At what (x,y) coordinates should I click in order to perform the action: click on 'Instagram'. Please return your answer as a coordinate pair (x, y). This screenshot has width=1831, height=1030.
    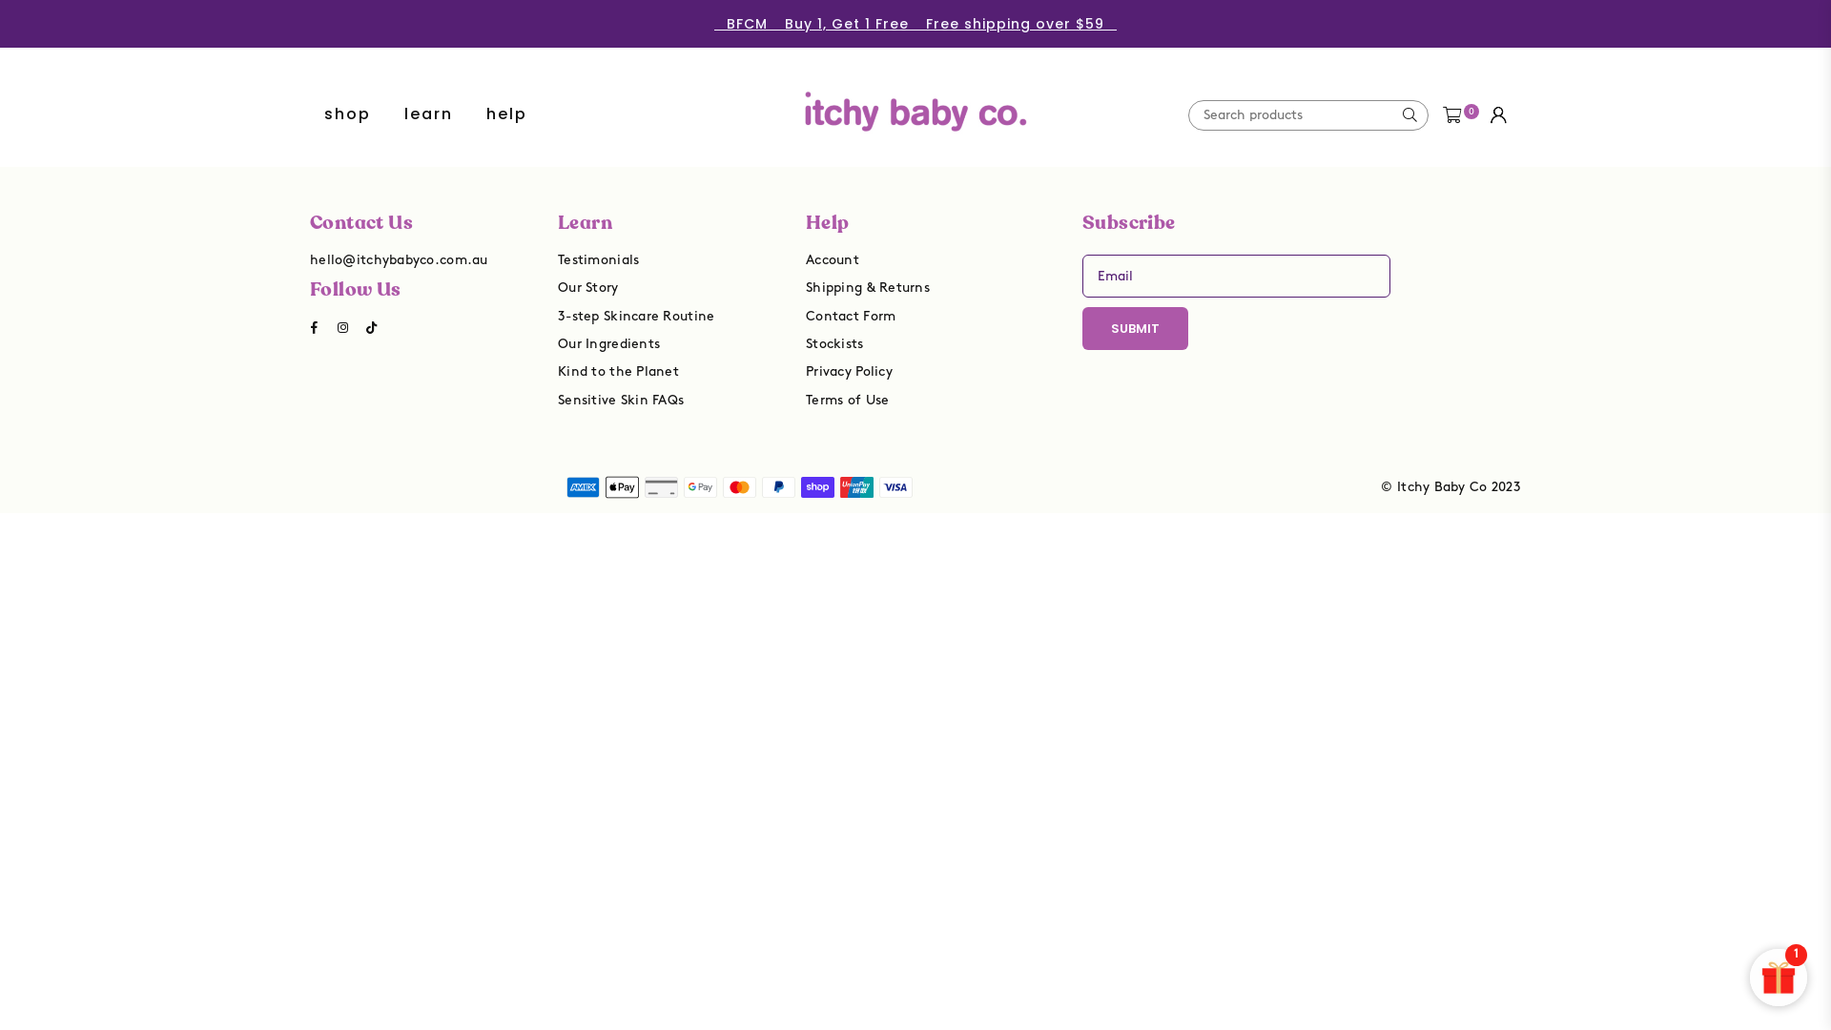
    Looking at the image, I should click on (343, 326).